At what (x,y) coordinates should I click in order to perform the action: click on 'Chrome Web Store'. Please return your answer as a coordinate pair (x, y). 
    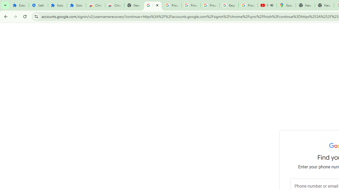
    Looking at the image, I should click on (95, 5).